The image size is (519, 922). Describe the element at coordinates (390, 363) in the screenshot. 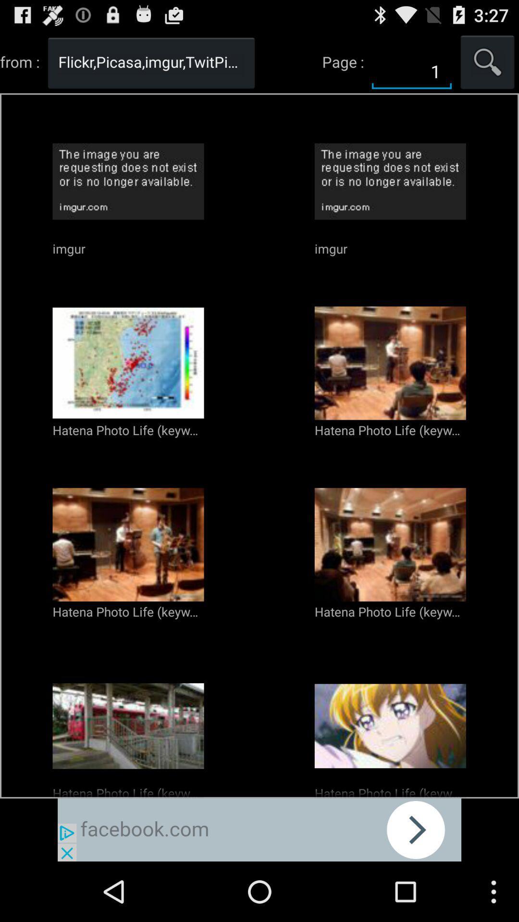

I see `the second image in the second row` at that location.